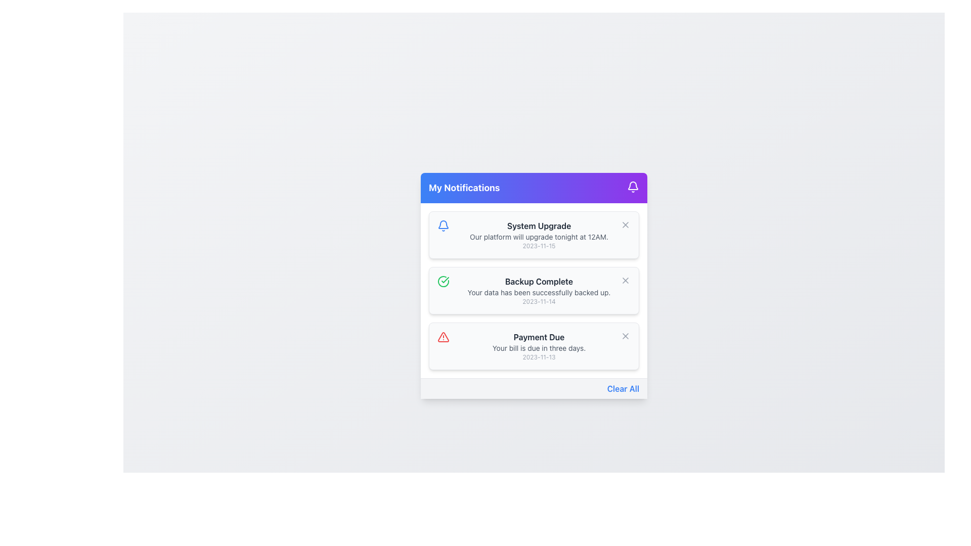 The image size is (971, 546). I want to click on the left-aligned static text that serves as the title for the notifications section, located in the rounded-top header bar above the content, so click(464, 188).